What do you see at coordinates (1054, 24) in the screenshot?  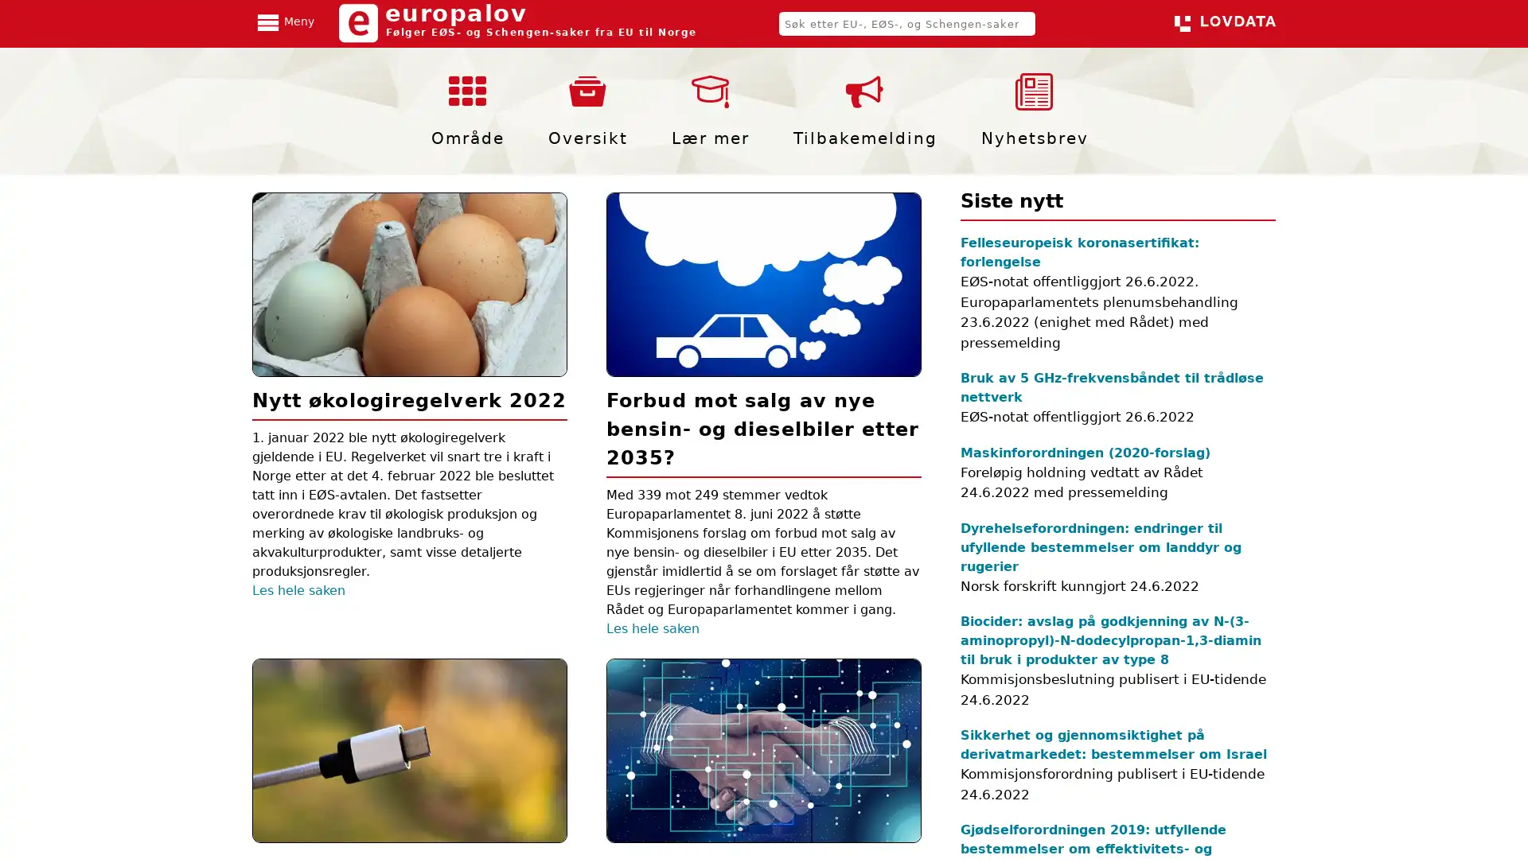 I see `Sk` at bounding box center [1054, 24].